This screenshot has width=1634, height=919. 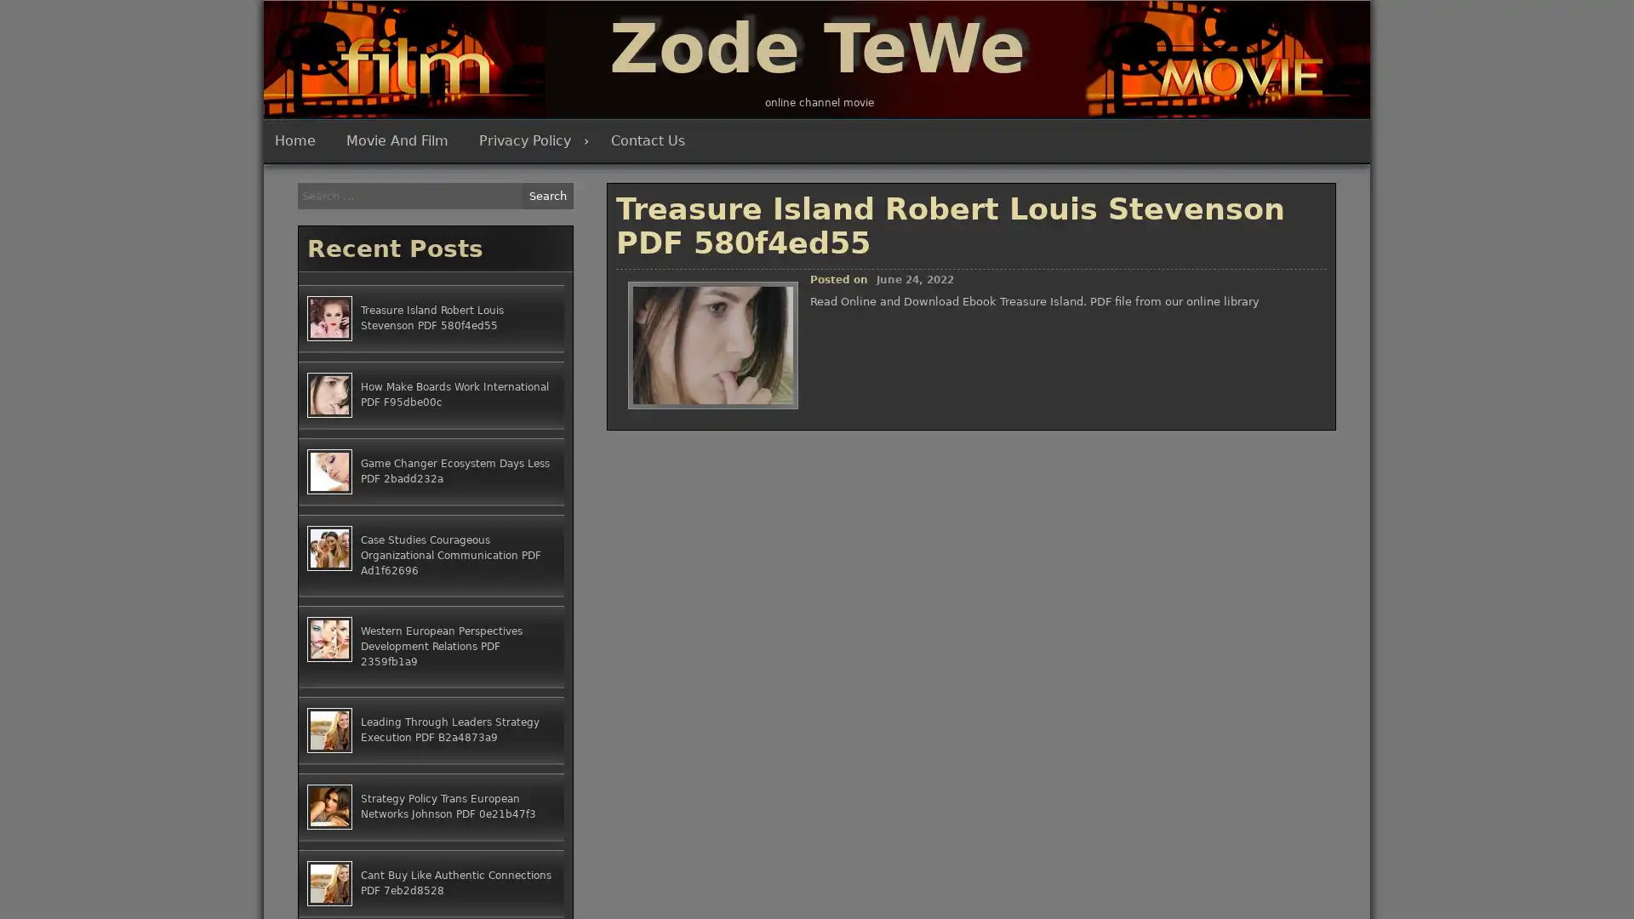 What do you see at coordinates (547, 195) in the screenshot?
I see `Search` at bounding box center [547, 195].